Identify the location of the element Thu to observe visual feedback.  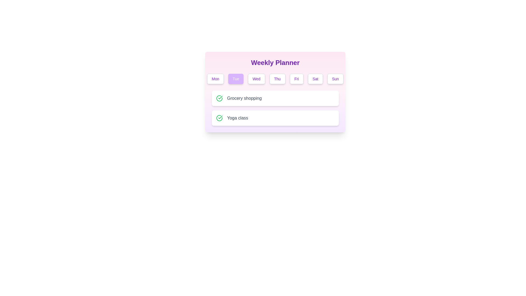
(277, 79).